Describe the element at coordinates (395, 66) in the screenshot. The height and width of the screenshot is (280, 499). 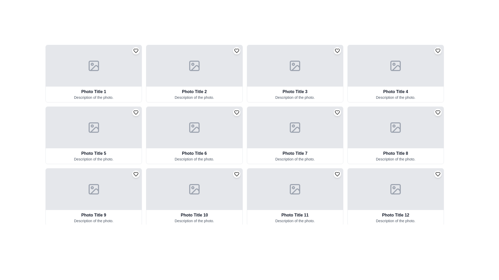
I see `the small rectangular shape with rounded corners within the SVG image icon in the fourth card labeled 'Photo Title 4'` at that location.